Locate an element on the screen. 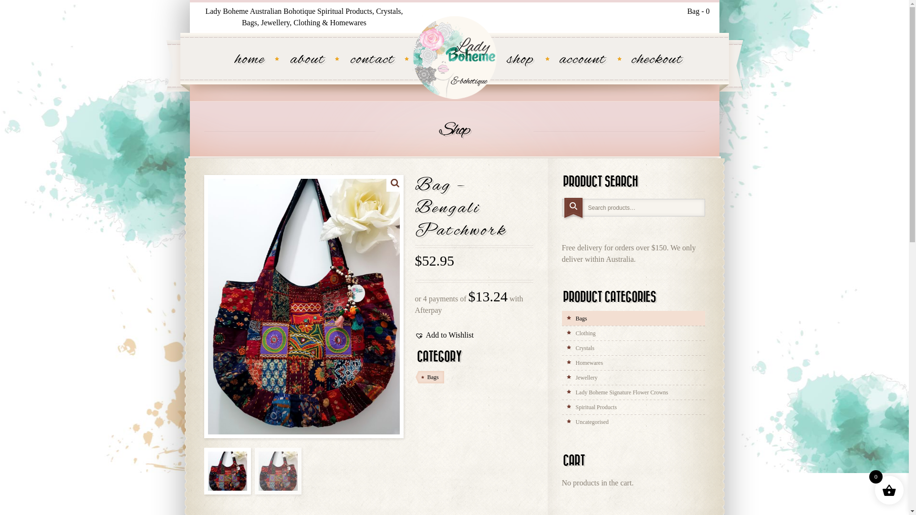 Image resolution: width=916 pixels, height=515 pixels. 'Add to Wishlist' is located at coordinates (444, 334).